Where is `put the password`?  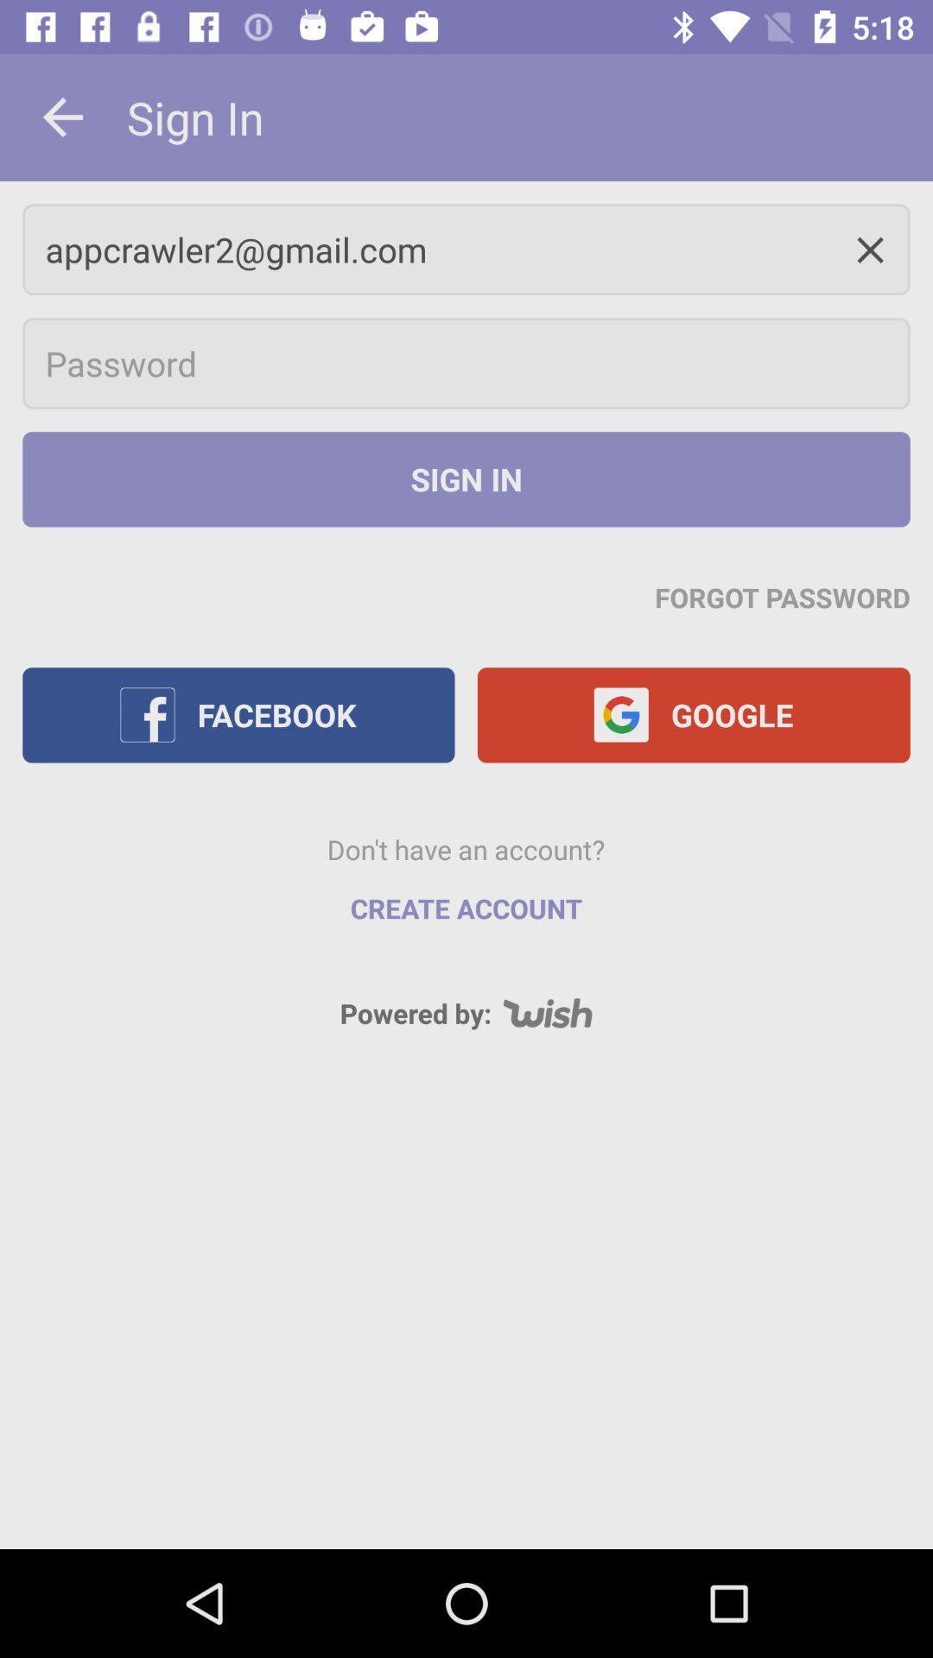 put the password is located at coordinates (466, 363).